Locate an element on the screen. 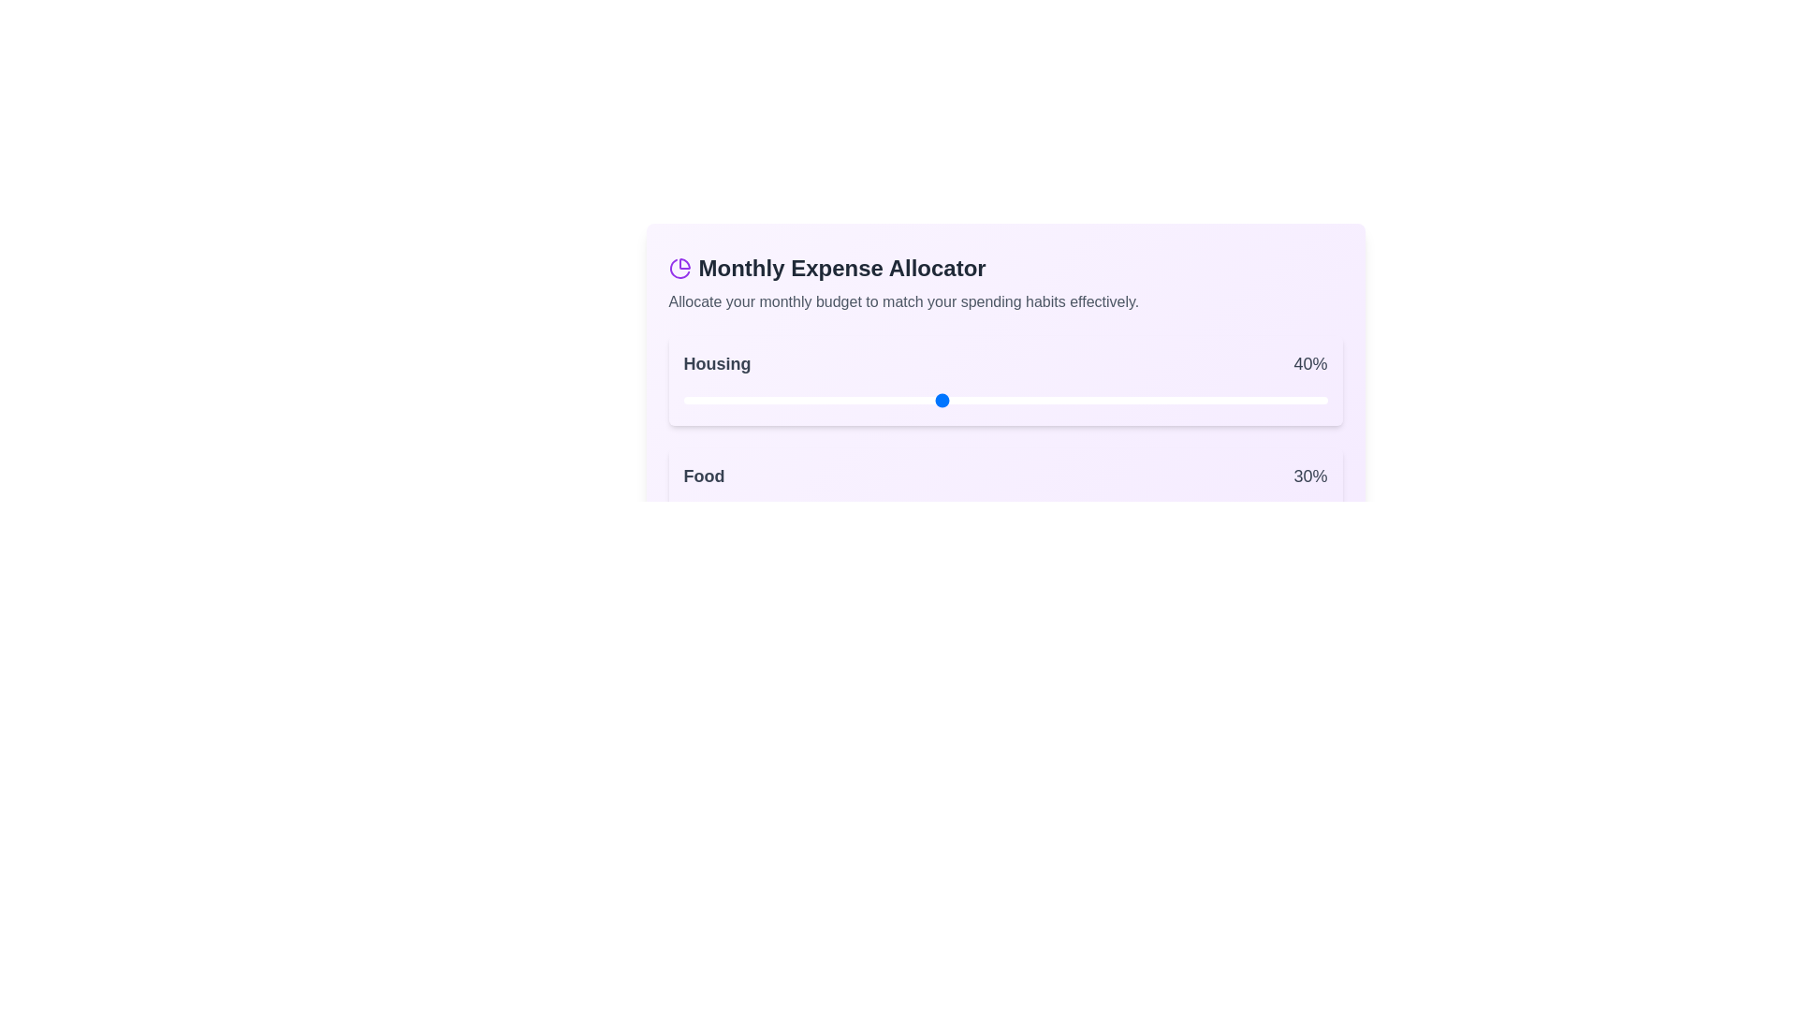 The width and height of the screenshot is (1797, 1011). the value of the 'Housing' percentage slider is located at coordinates (1108, 400).